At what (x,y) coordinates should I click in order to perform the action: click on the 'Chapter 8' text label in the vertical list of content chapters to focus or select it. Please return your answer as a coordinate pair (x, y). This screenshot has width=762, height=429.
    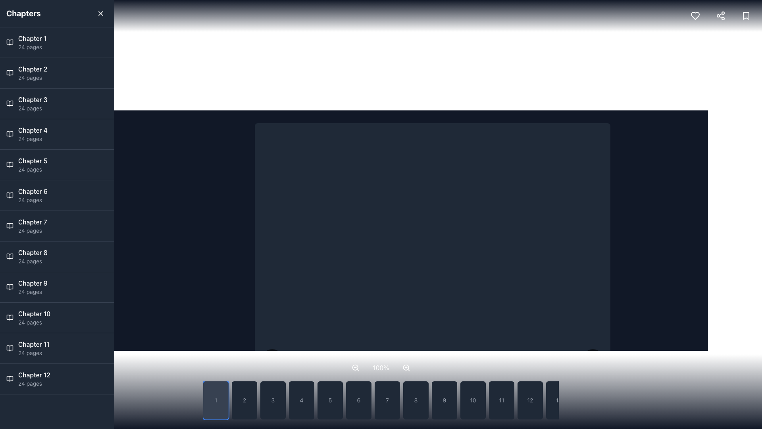
    Looking at the image, I should click on (32, 253).